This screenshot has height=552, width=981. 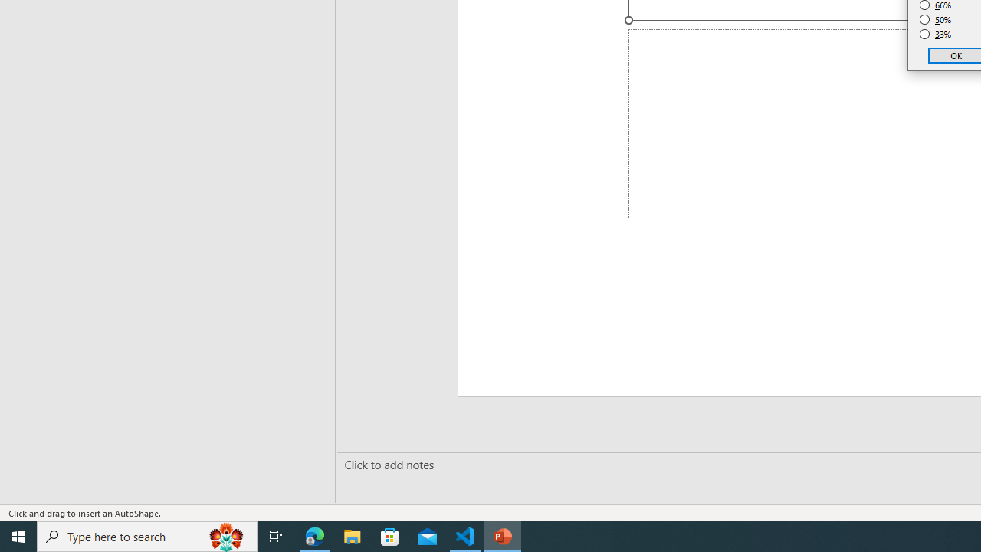 I want to click on '50%', so click(x=935, y=19).